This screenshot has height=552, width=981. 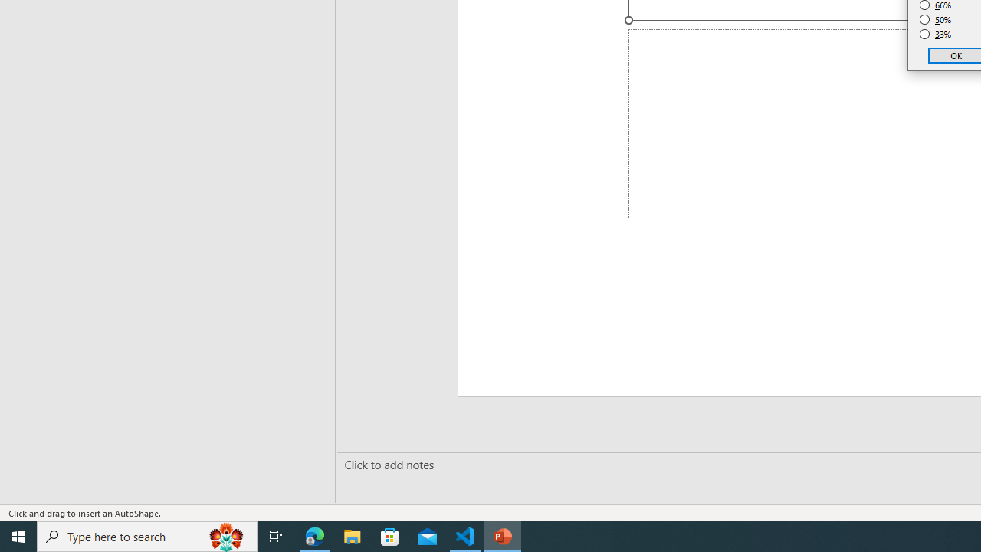 I want to click on '50%', so click(x=935, y=19).